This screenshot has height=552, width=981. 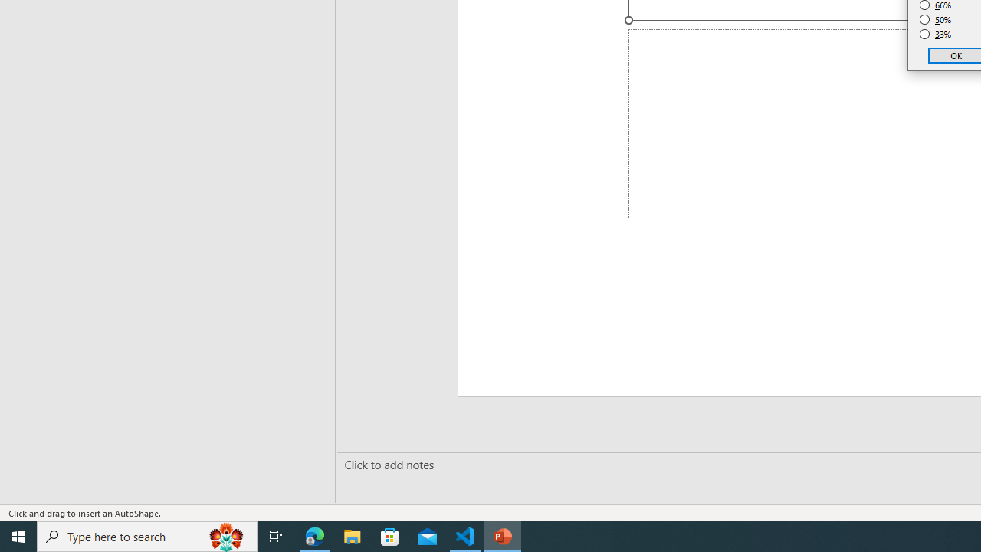 I want to click on '50%', so click(x=935, y=19).